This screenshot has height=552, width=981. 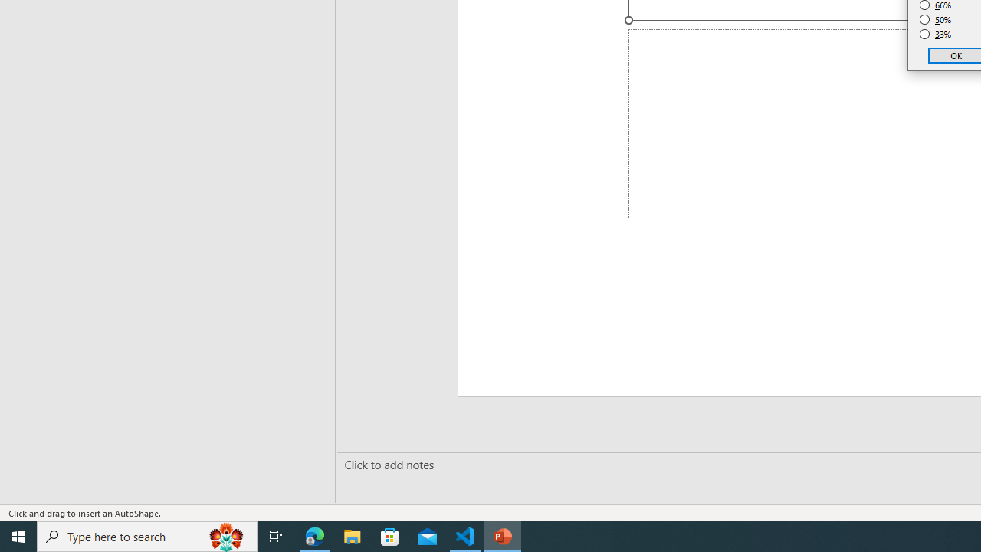 I want to click on '50%', so click(x=935, y=19).